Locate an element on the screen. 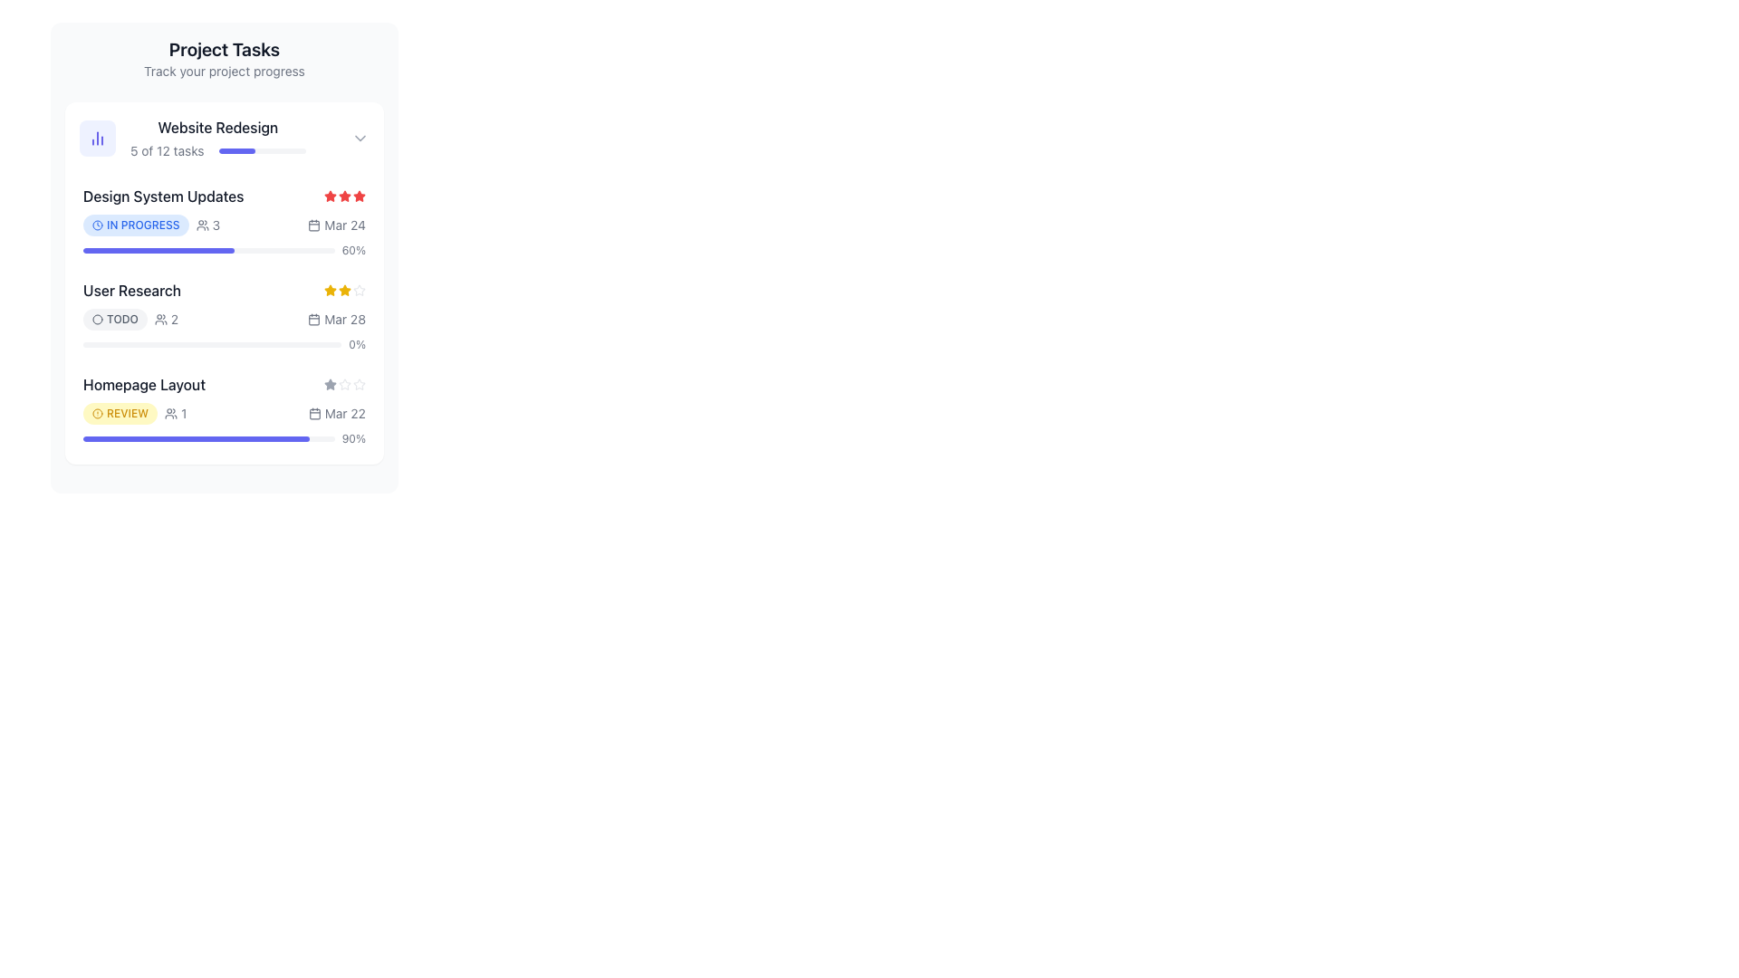 The width and height of the screenshot is (1739, 978). the background area of the calendar icon is located at coordinates (314, 319).